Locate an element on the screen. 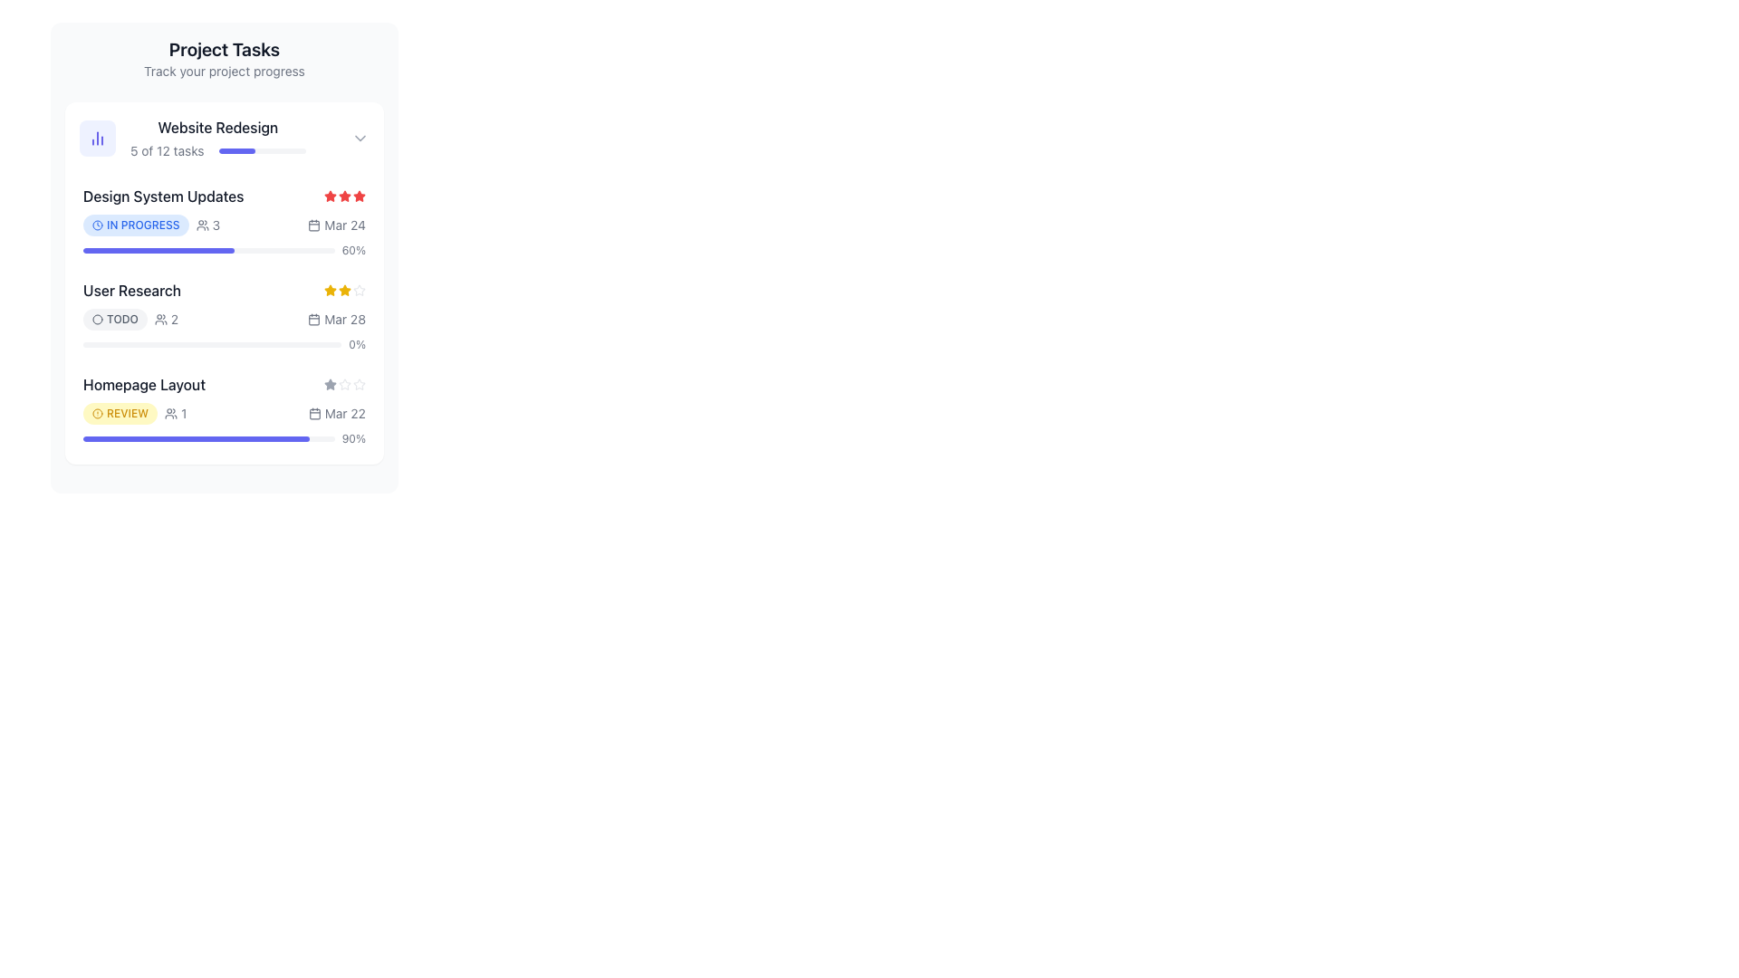 The width and height of the screenshot is (1739, 978). the background area of the calendar icon is located at coordinates (314, 319).